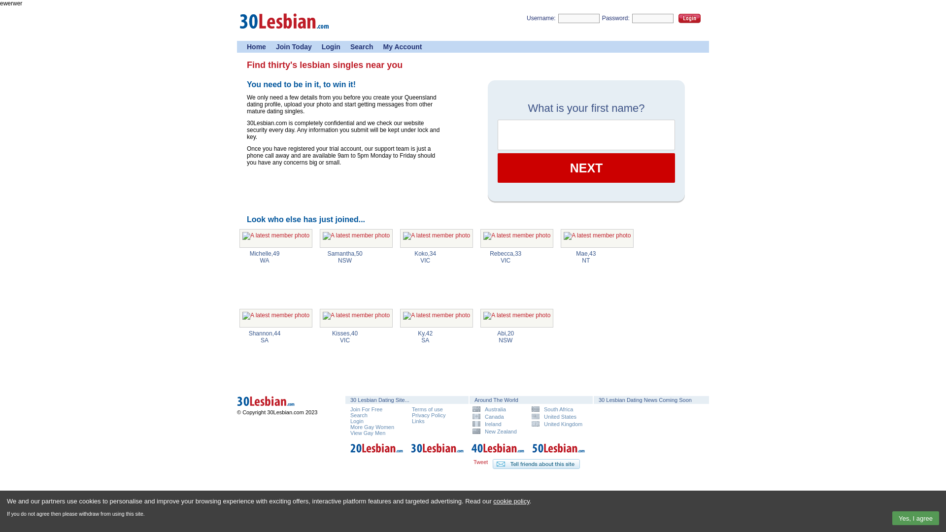 This screenshot has width=946, height=532. I want to click on 'Kisses, 40 from Wodonga, VIC', so click(356, 318).